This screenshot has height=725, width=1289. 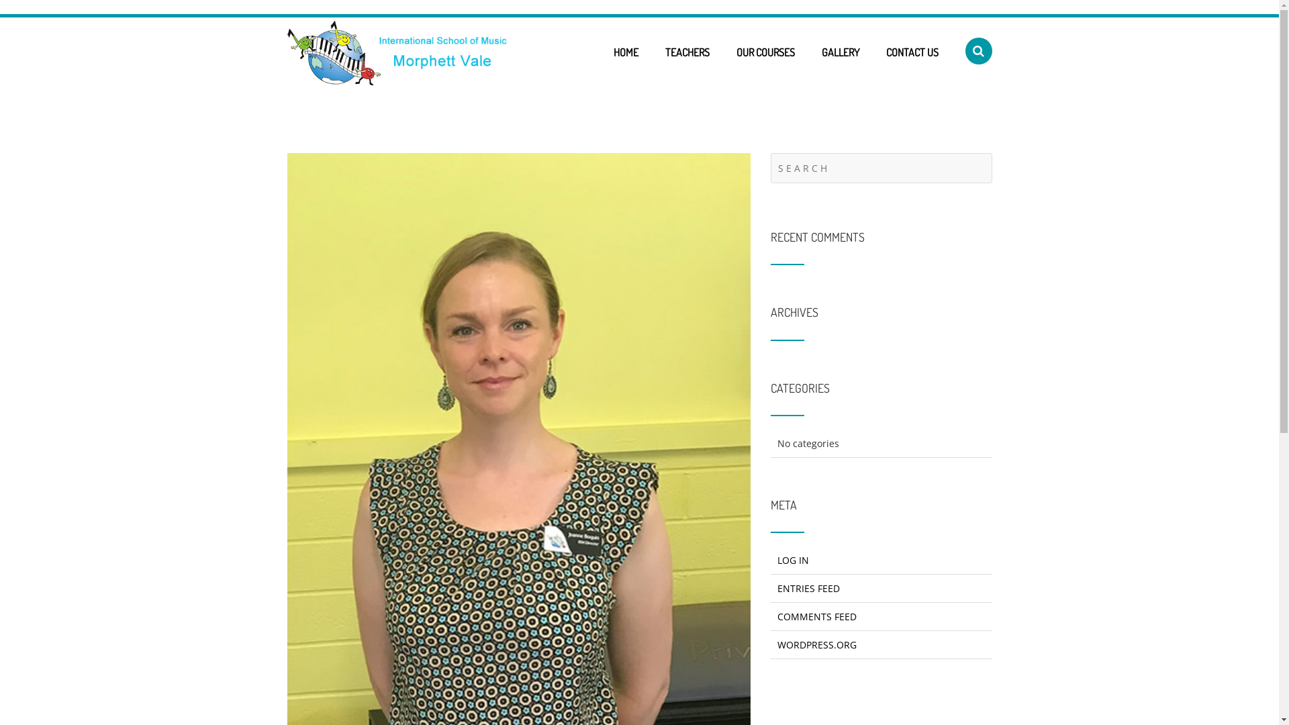 What do you see at coordinates (816, 616) in the screenshot?
I see `'COMMENTS FEED'` at bounding box center [816, 616].